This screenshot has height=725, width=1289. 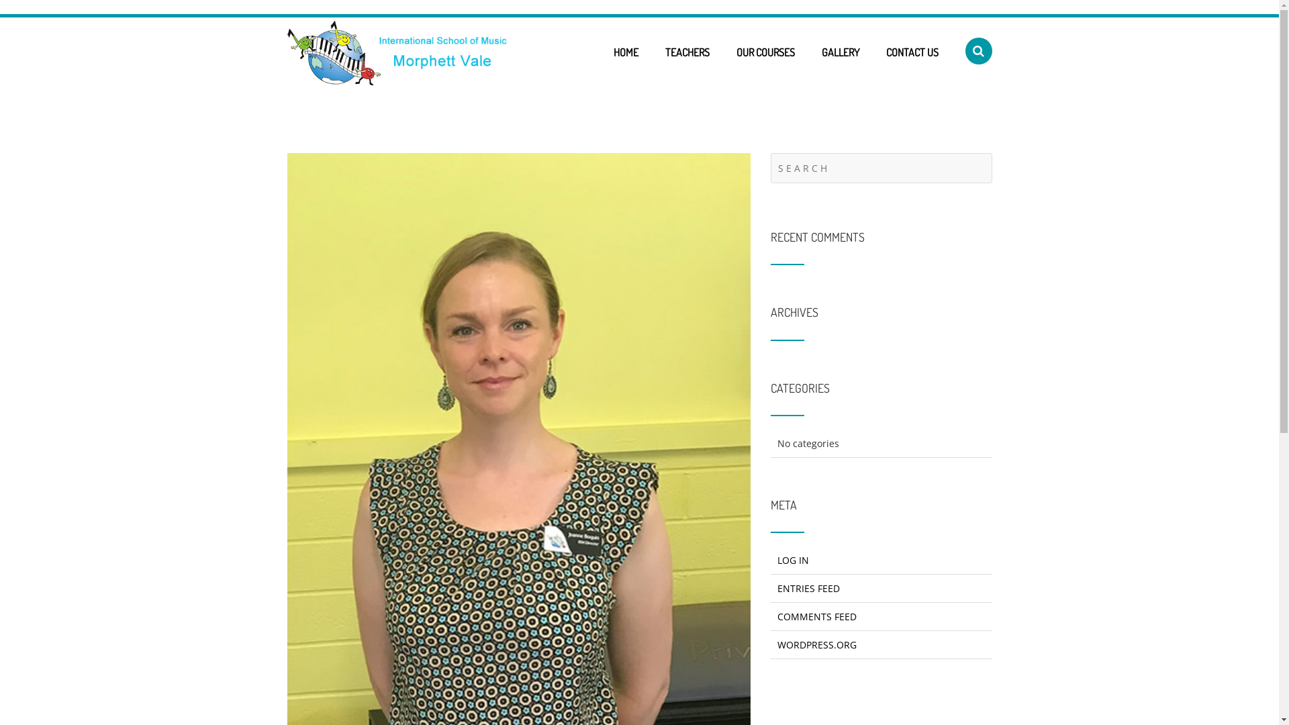 What do you see at coordinates (816, 616) in the screenshot?
I see `'COMMENTS FEED'` at bounding box center [816, 616].